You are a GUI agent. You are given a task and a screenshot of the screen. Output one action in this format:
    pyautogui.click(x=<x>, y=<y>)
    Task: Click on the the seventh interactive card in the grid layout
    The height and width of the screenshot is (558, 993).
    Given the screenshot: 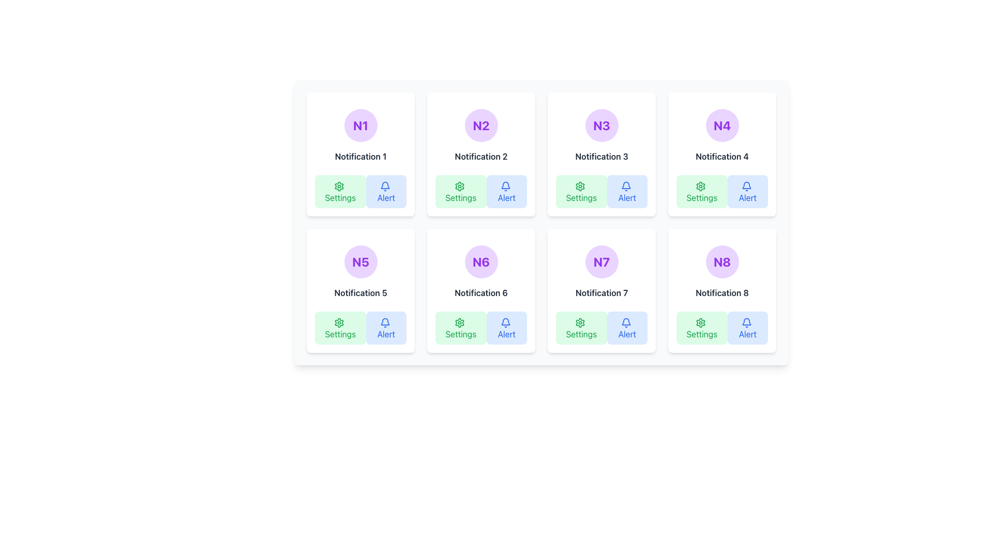 What is the action you would take?
    pyautogui.click(x=601, y=291)
    